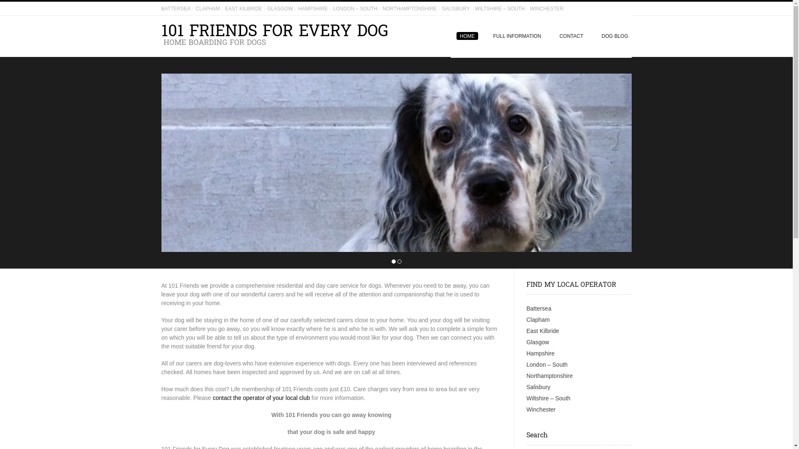 Image resolution: width=799 pixels, height=449 pixels. I want to click on 'GLASGOW', so click(280, 8).